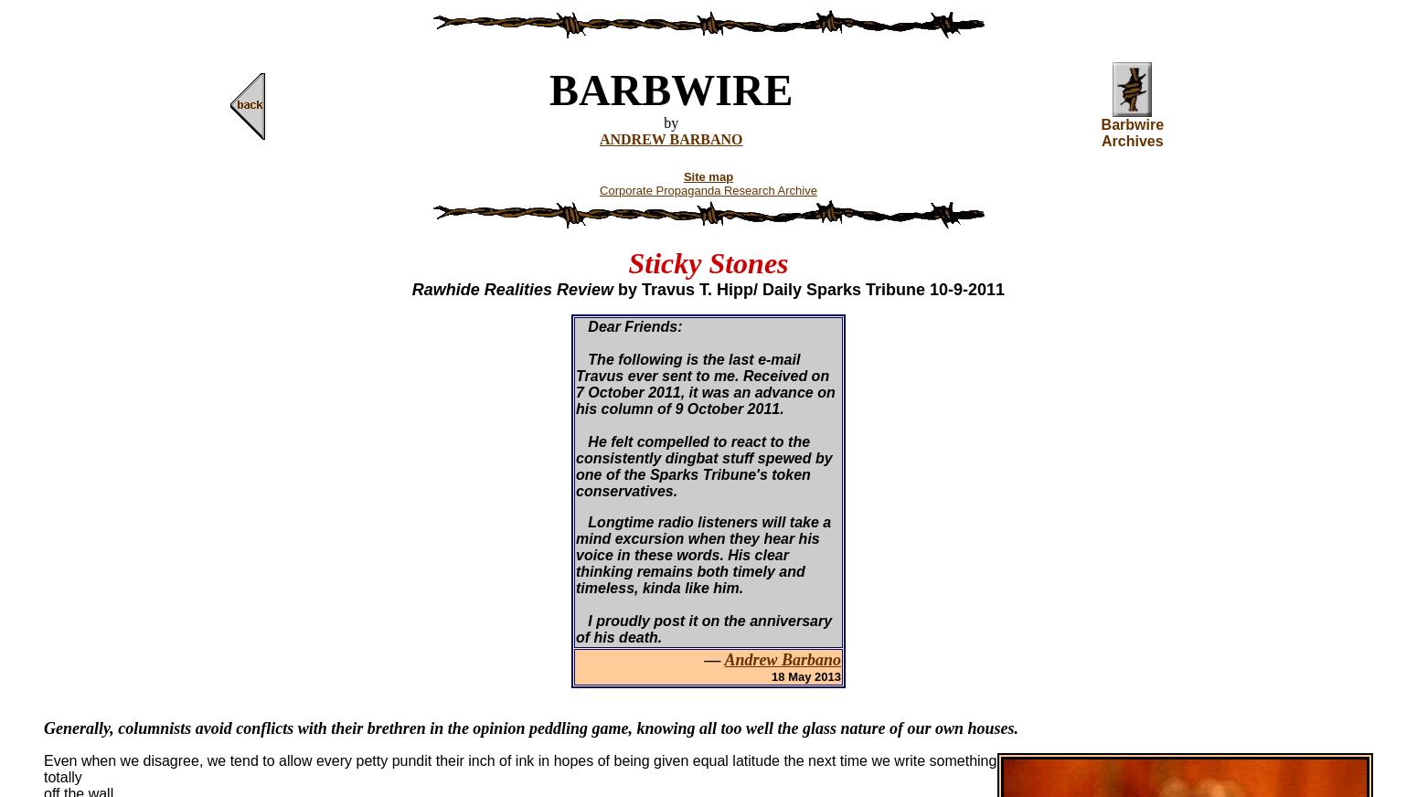  Describe the element at coordinates (770, 675) in the screenshot. I see `'18 
        May 2013'` at that location.